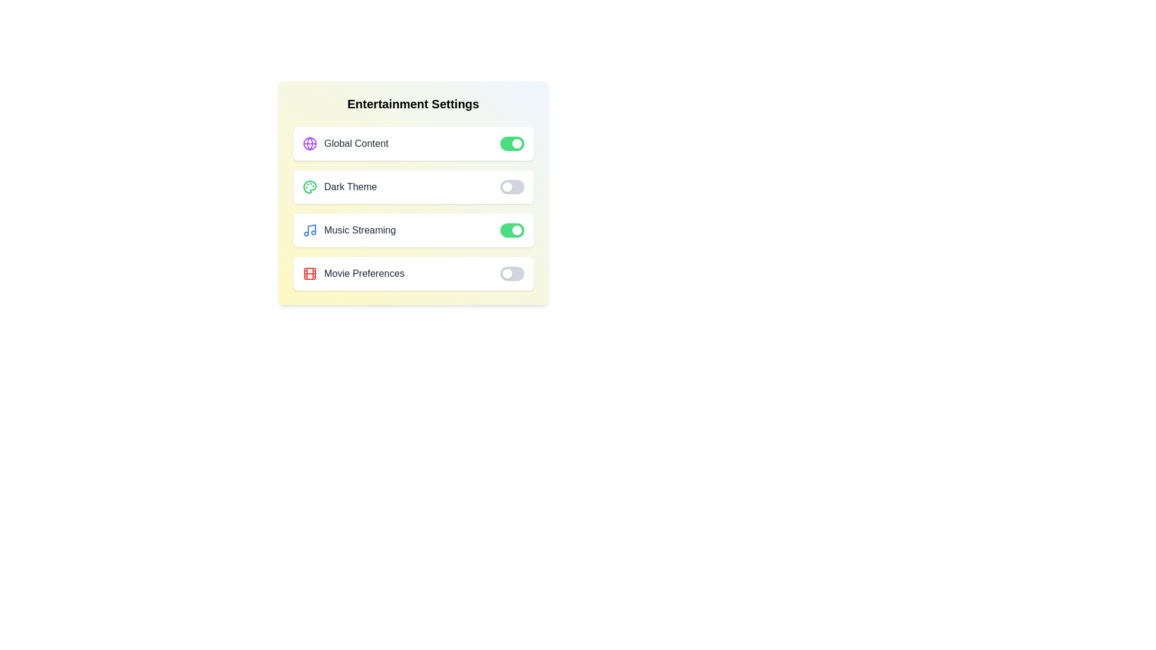  I want to click on the background of the component, so click(462, 282).